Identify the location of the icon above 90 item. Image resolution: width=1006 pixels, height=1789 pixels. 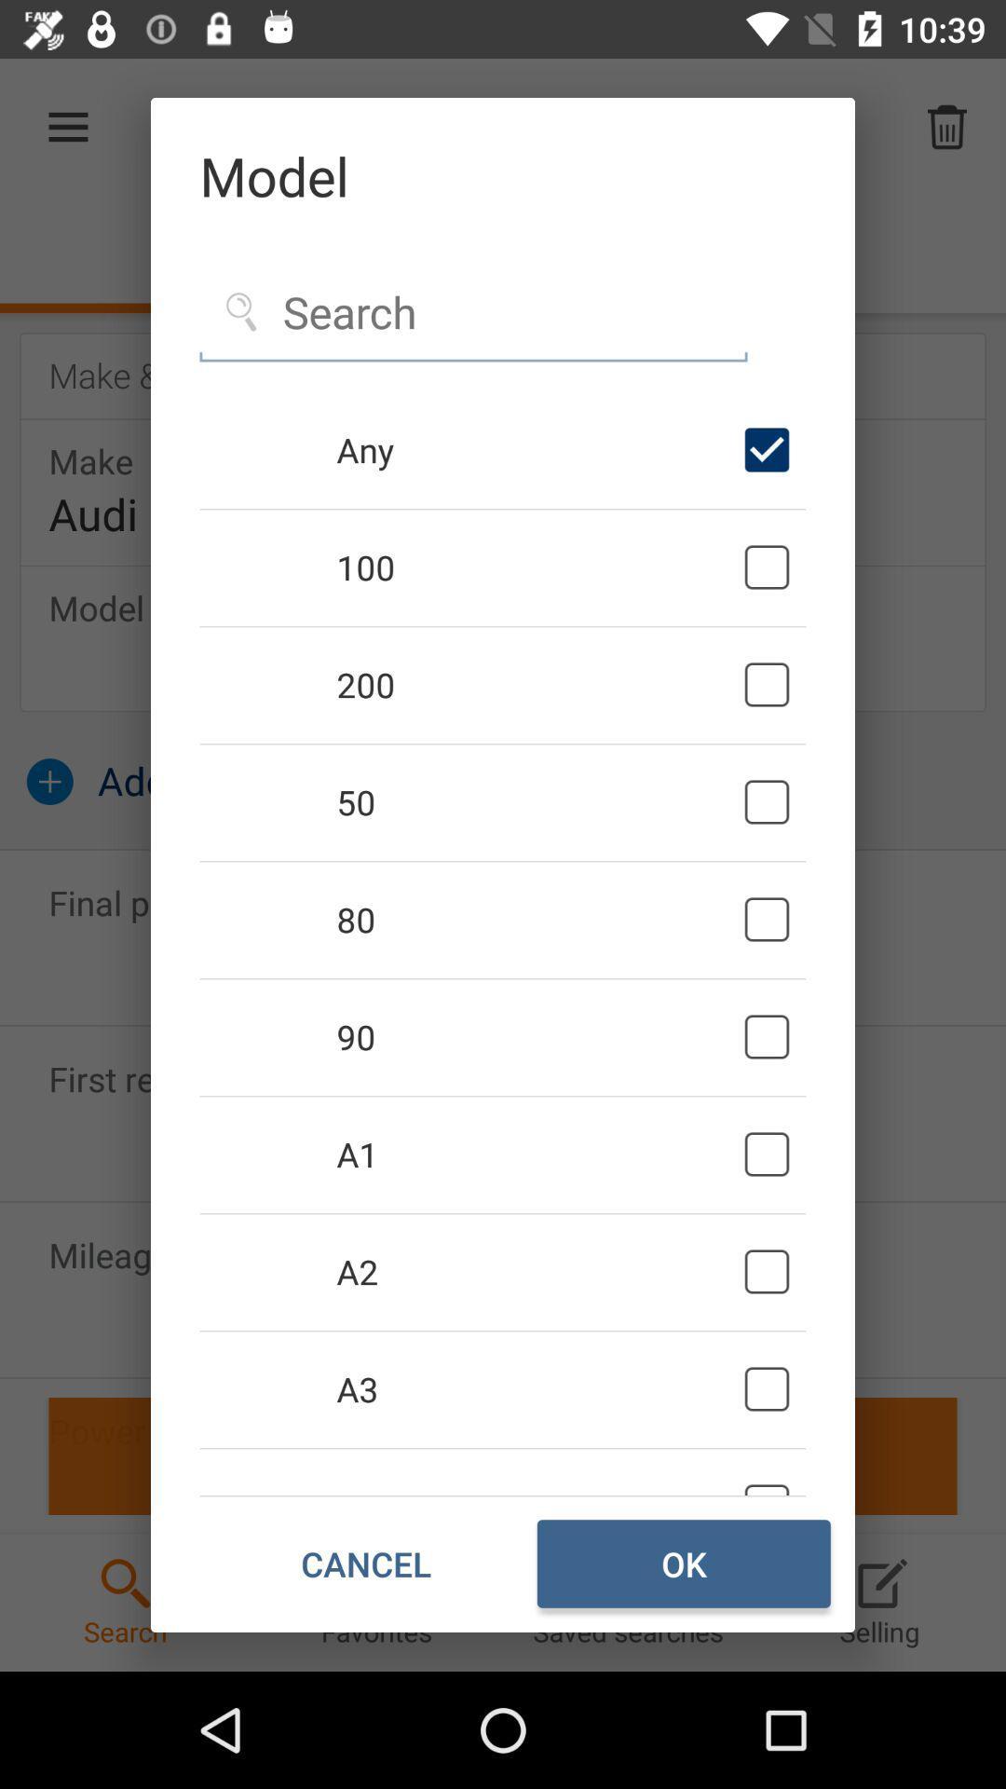
(537, 920).